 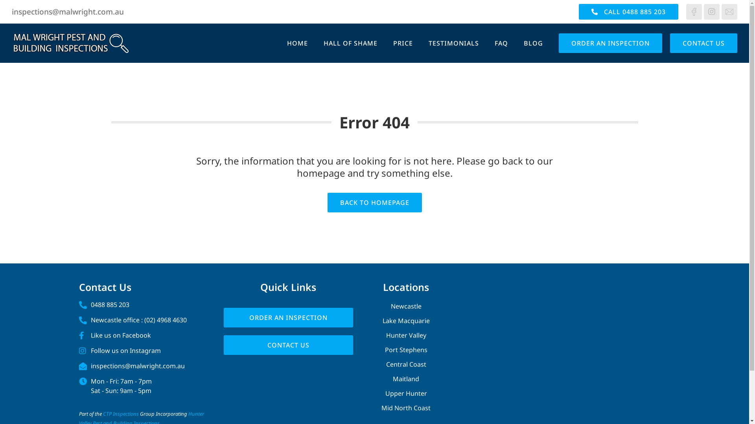 I want to click on 'Newcastle office : (02) 4968 4630', so click(x=143, y=320).